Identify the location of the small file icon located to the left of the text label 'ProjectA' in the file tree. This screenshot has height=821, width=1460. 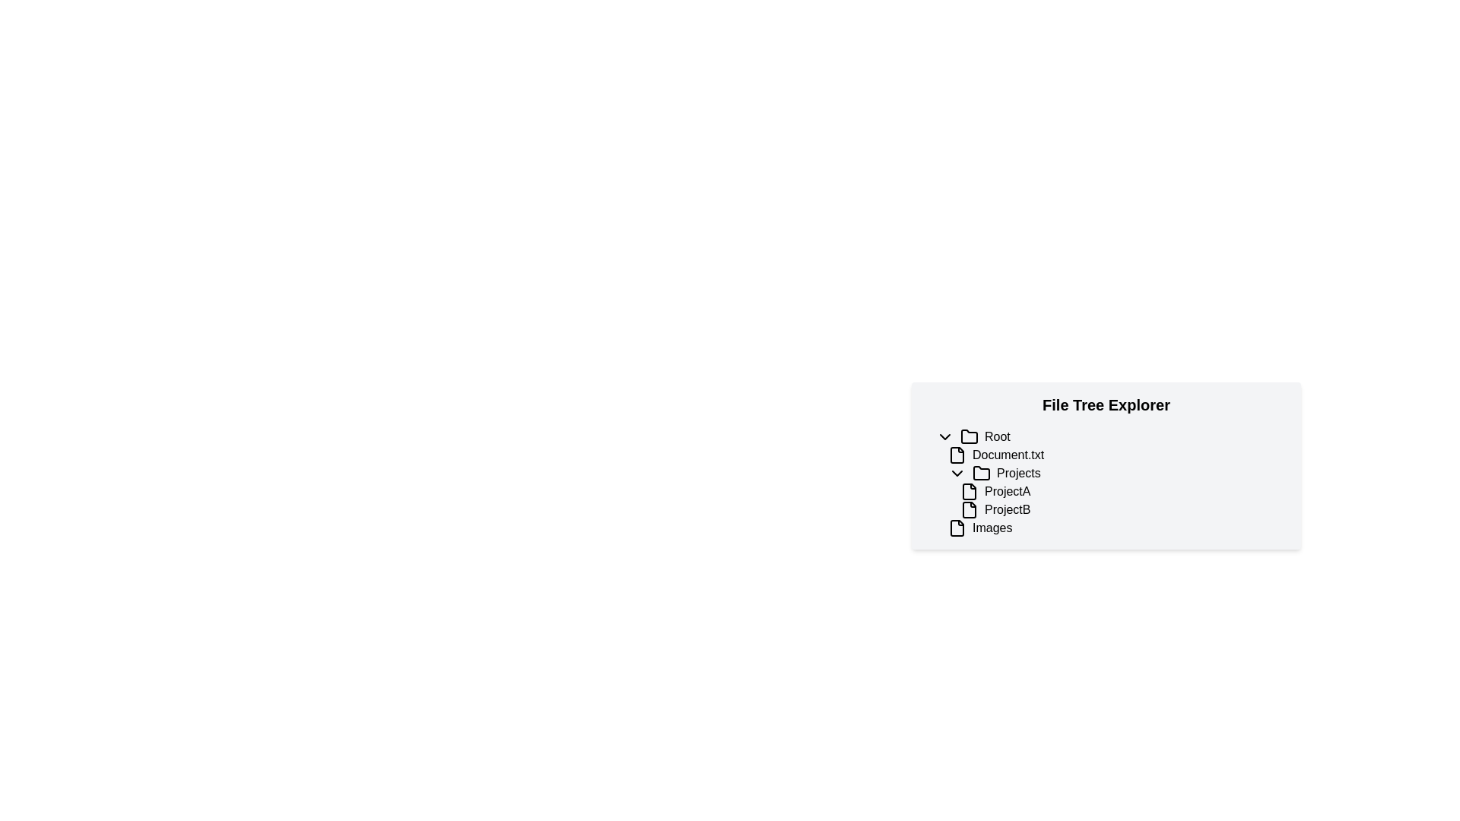
(969, 492).